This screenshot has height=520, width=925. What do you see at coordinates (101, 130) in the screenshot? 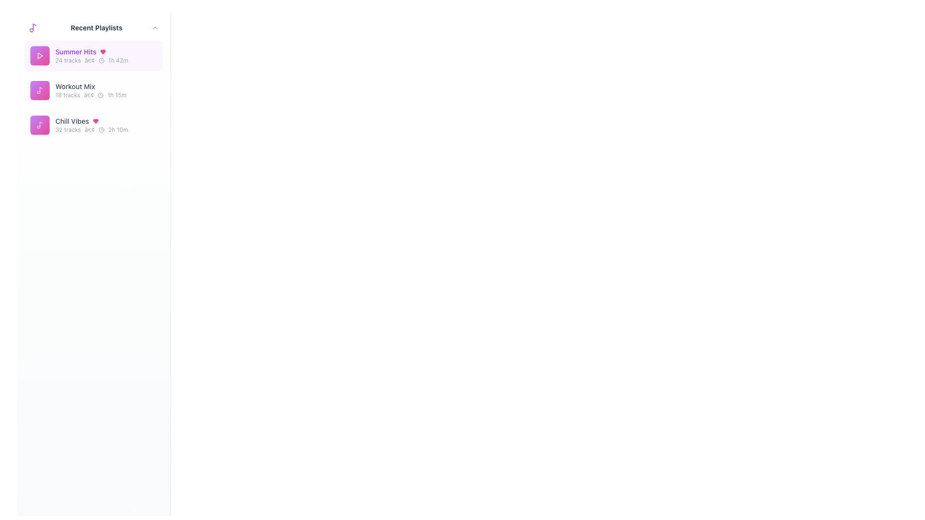
I see `the central circular decorative element of the clock-like icon in the third entry of the 'Recent Playlists' section, next to the '2h 10m' duration of the 'Chill Vibes' playlist` at bounding box center [101, 130].